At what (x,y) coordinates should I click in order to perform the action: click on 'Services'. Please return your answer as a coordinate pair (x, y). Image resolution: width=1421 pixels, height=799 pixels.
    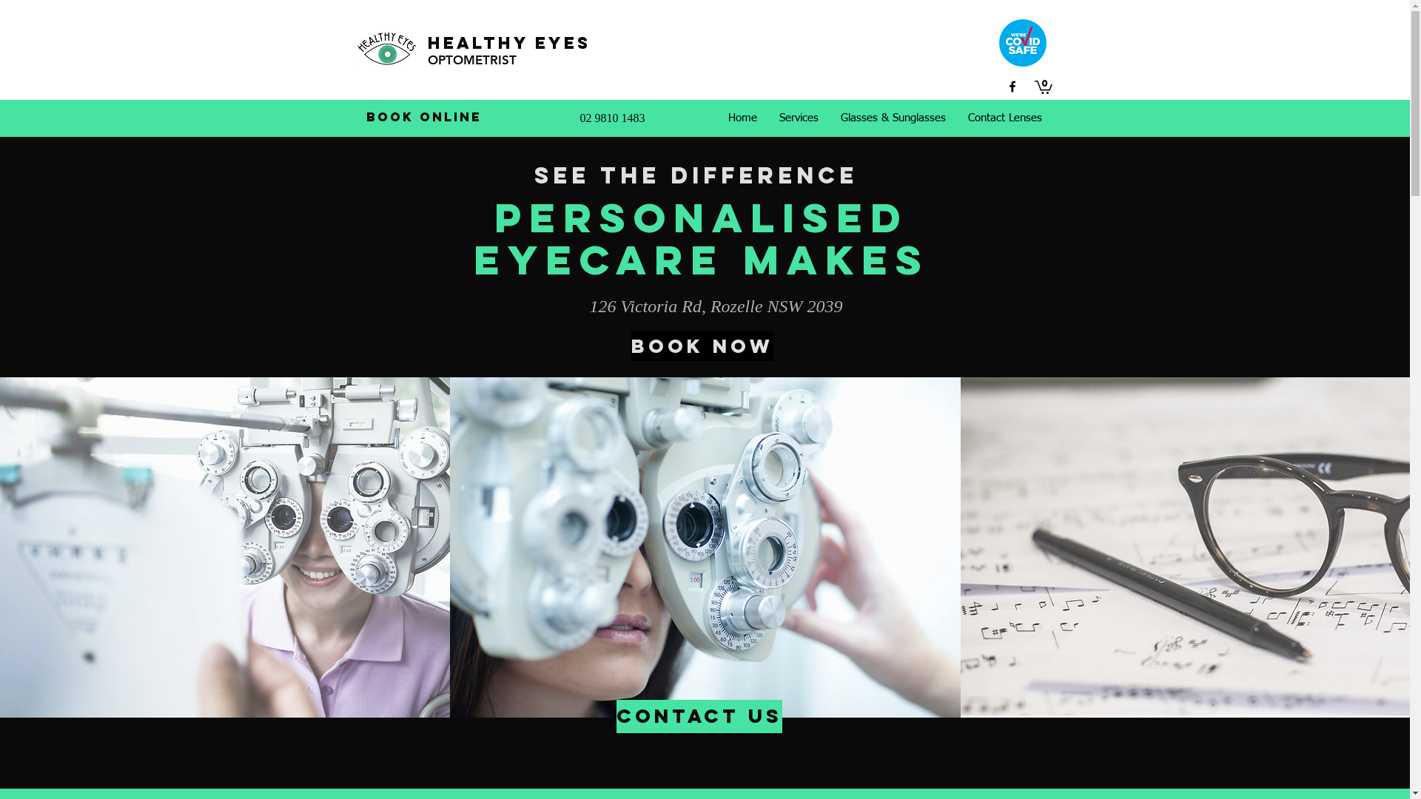
    Looking at the image, I should click on (767, 117).